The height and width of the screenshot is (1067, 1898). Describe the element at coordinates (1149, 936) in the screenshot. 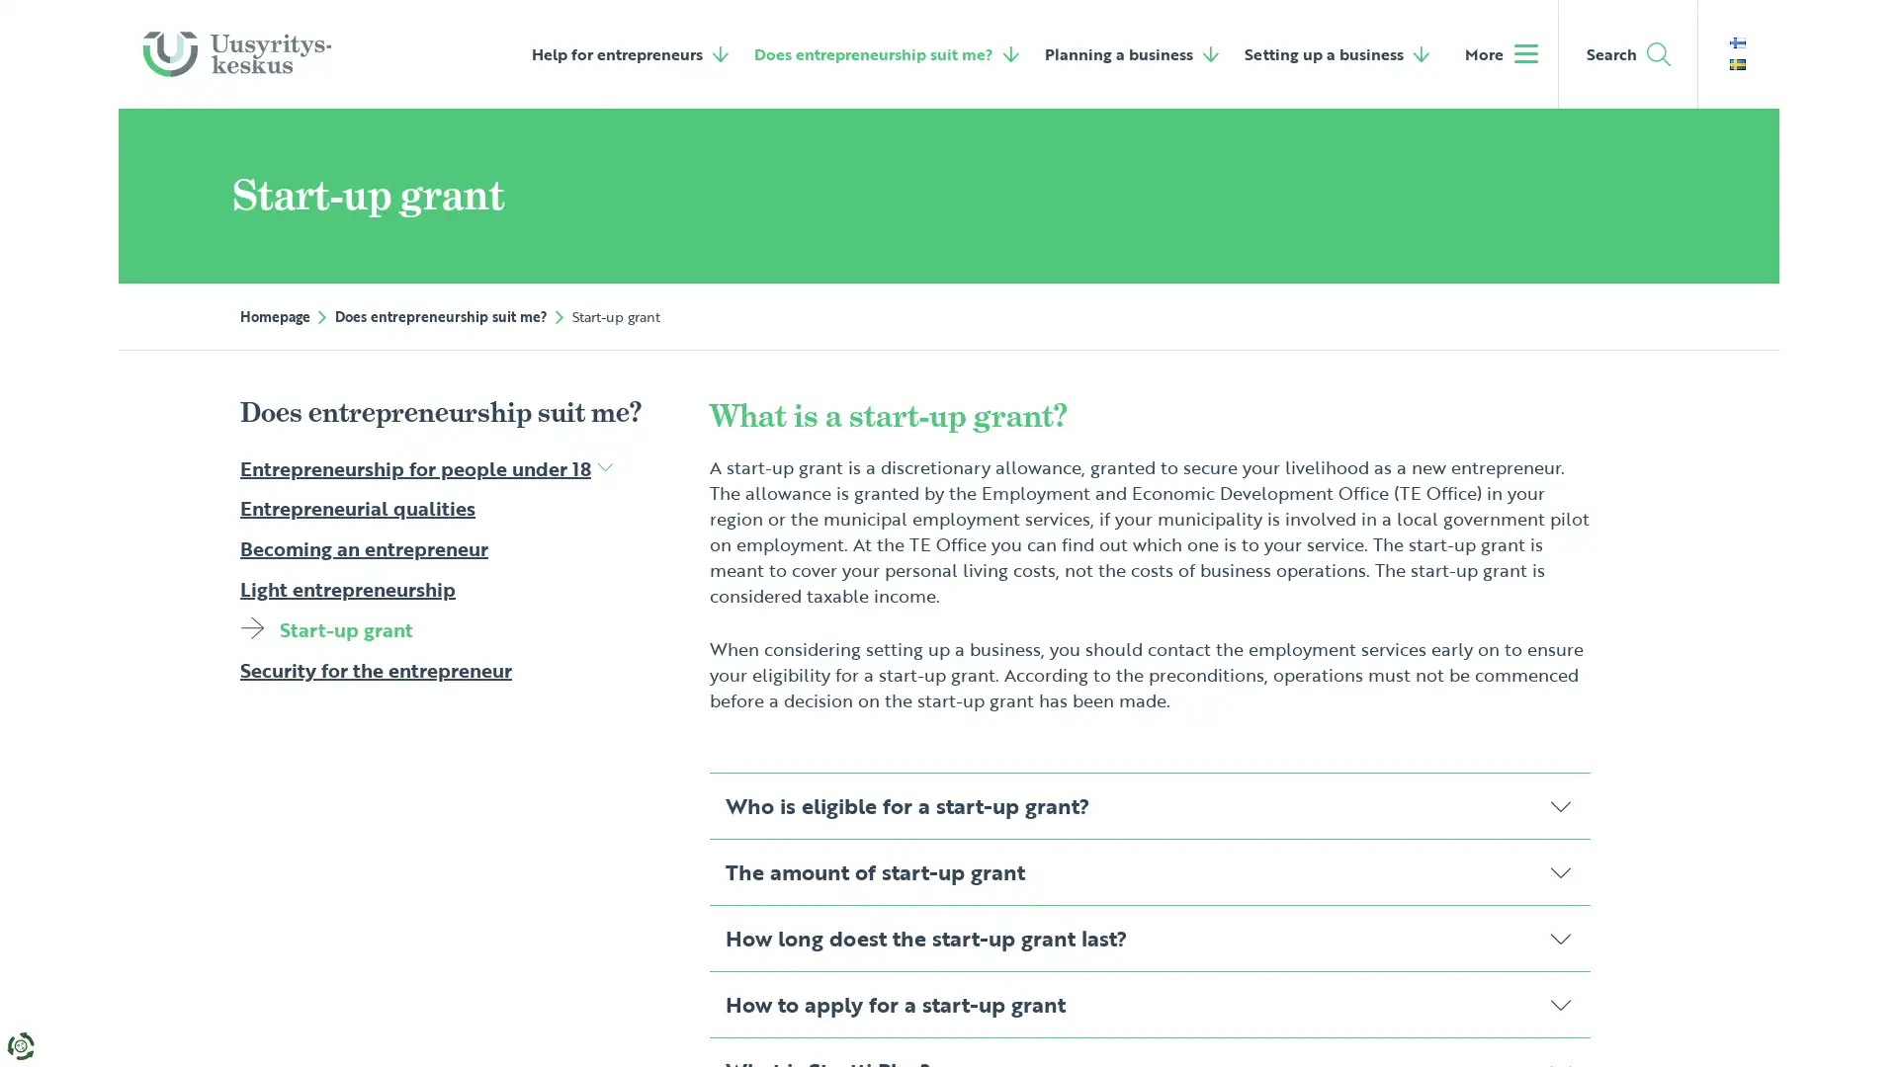

I see `How long doest the start-up grant last?` at that location.